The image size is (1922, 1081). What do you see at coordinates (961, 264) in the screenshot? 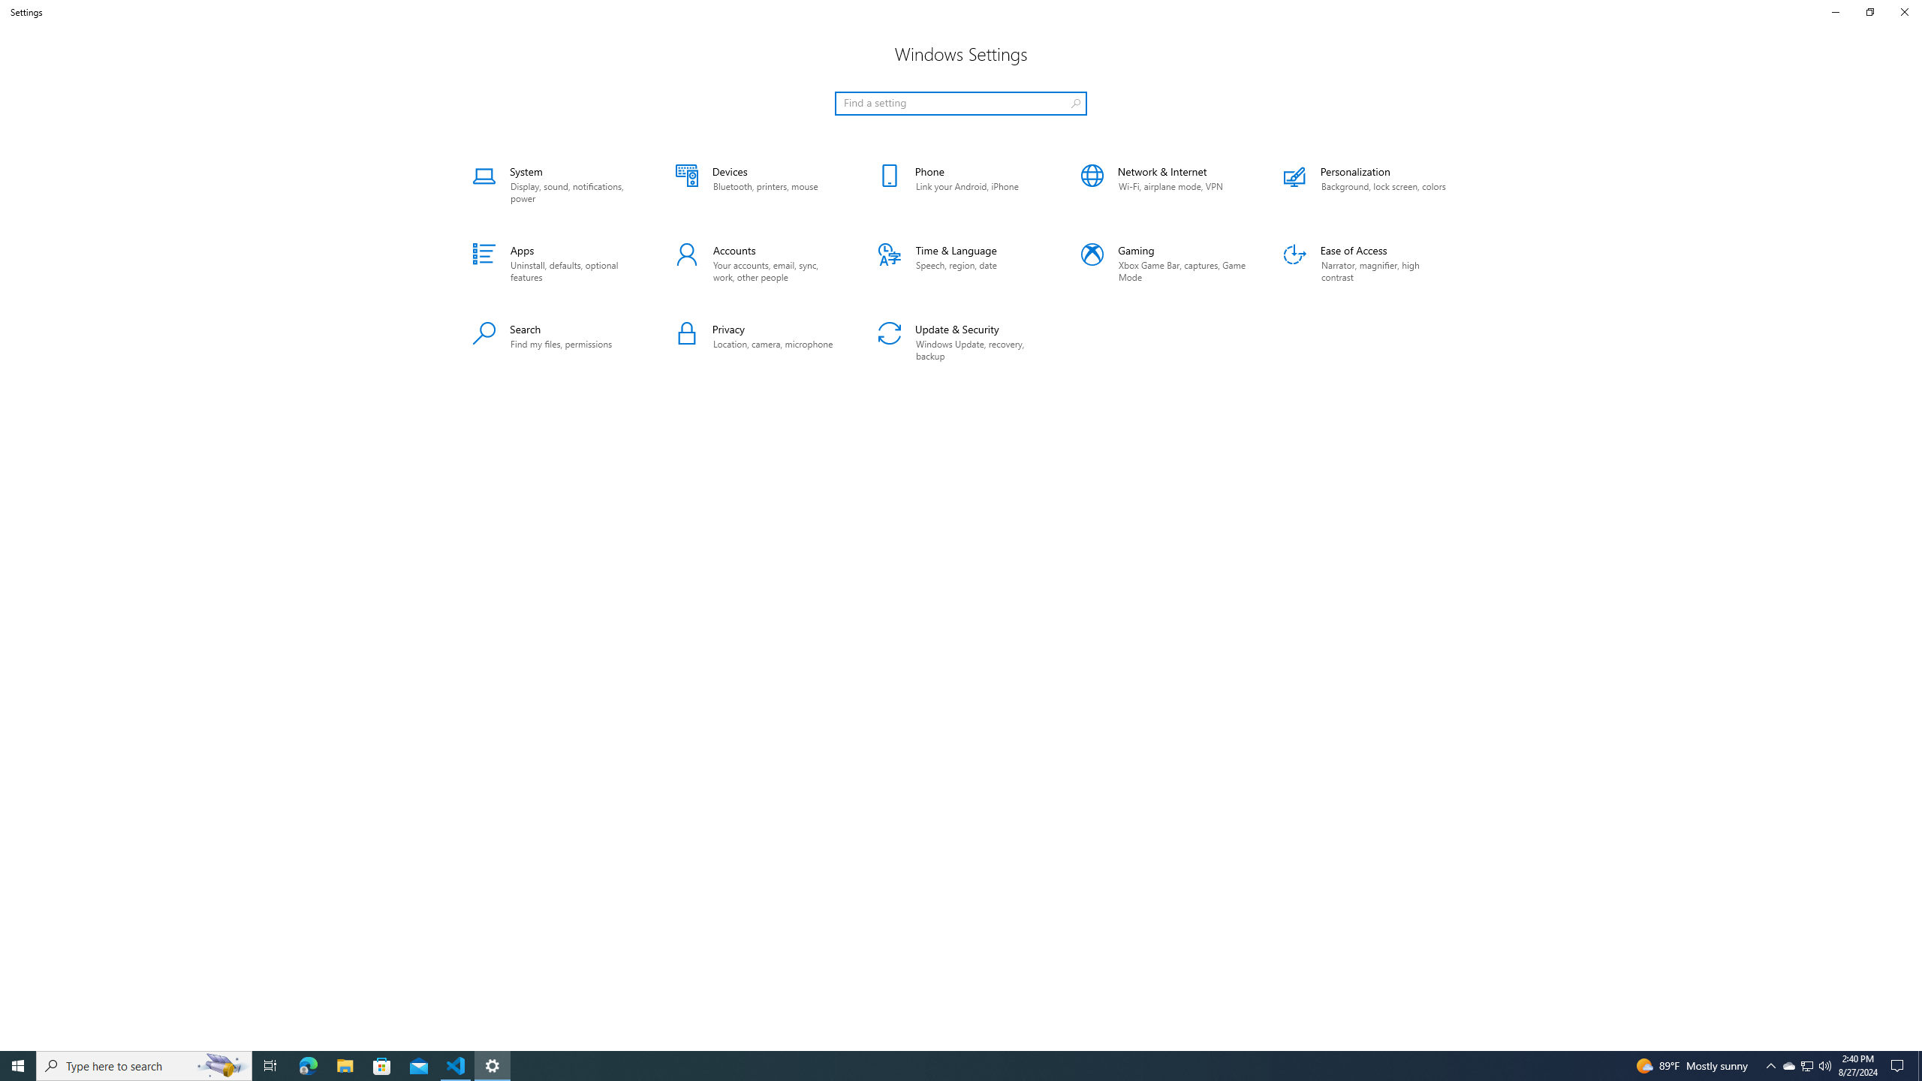
I see `'Time & Language'` at bounding box center [961, 264].